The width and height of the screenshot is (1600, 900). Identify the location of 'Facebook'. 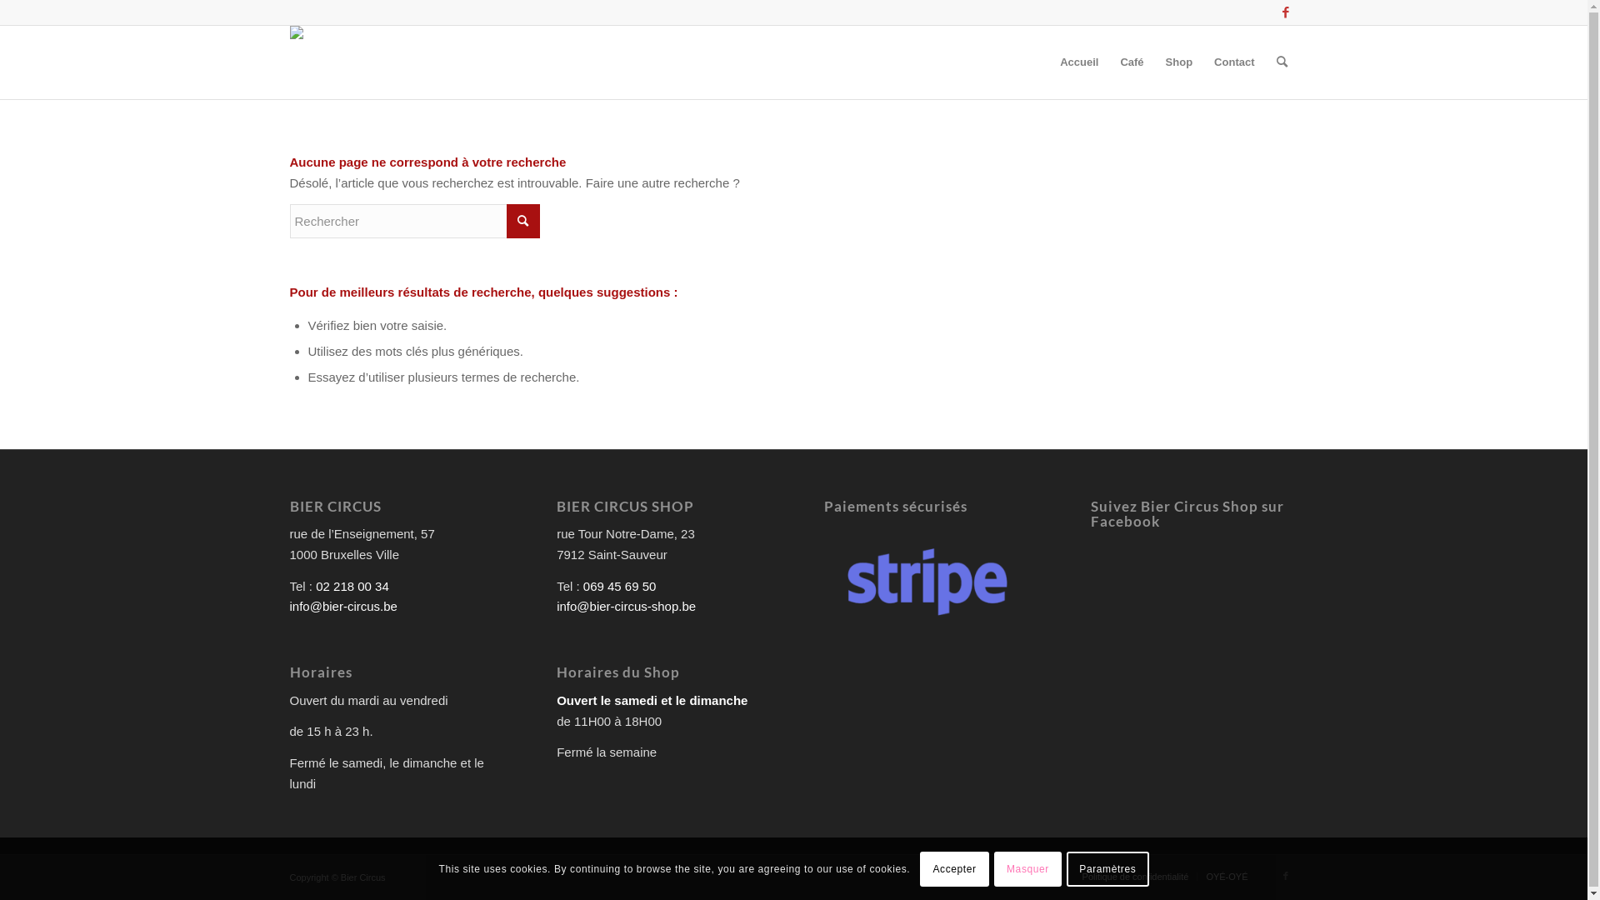
(1284, 12).